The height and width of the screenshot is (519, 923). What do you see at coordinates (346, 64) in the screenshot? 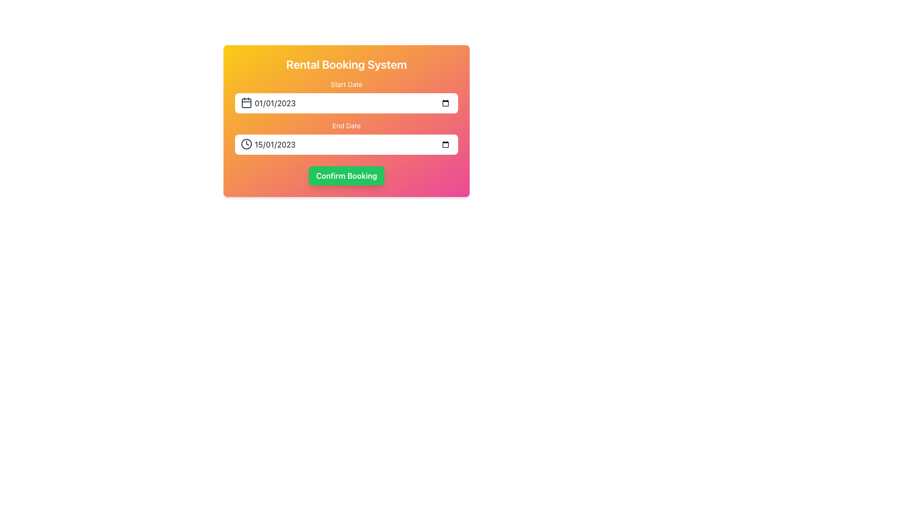
I see `the Static Text Heading which serves as the title for the section, indicating the primary purpose of the interface, located at the top center of the application` at bounding box center [346, 64].